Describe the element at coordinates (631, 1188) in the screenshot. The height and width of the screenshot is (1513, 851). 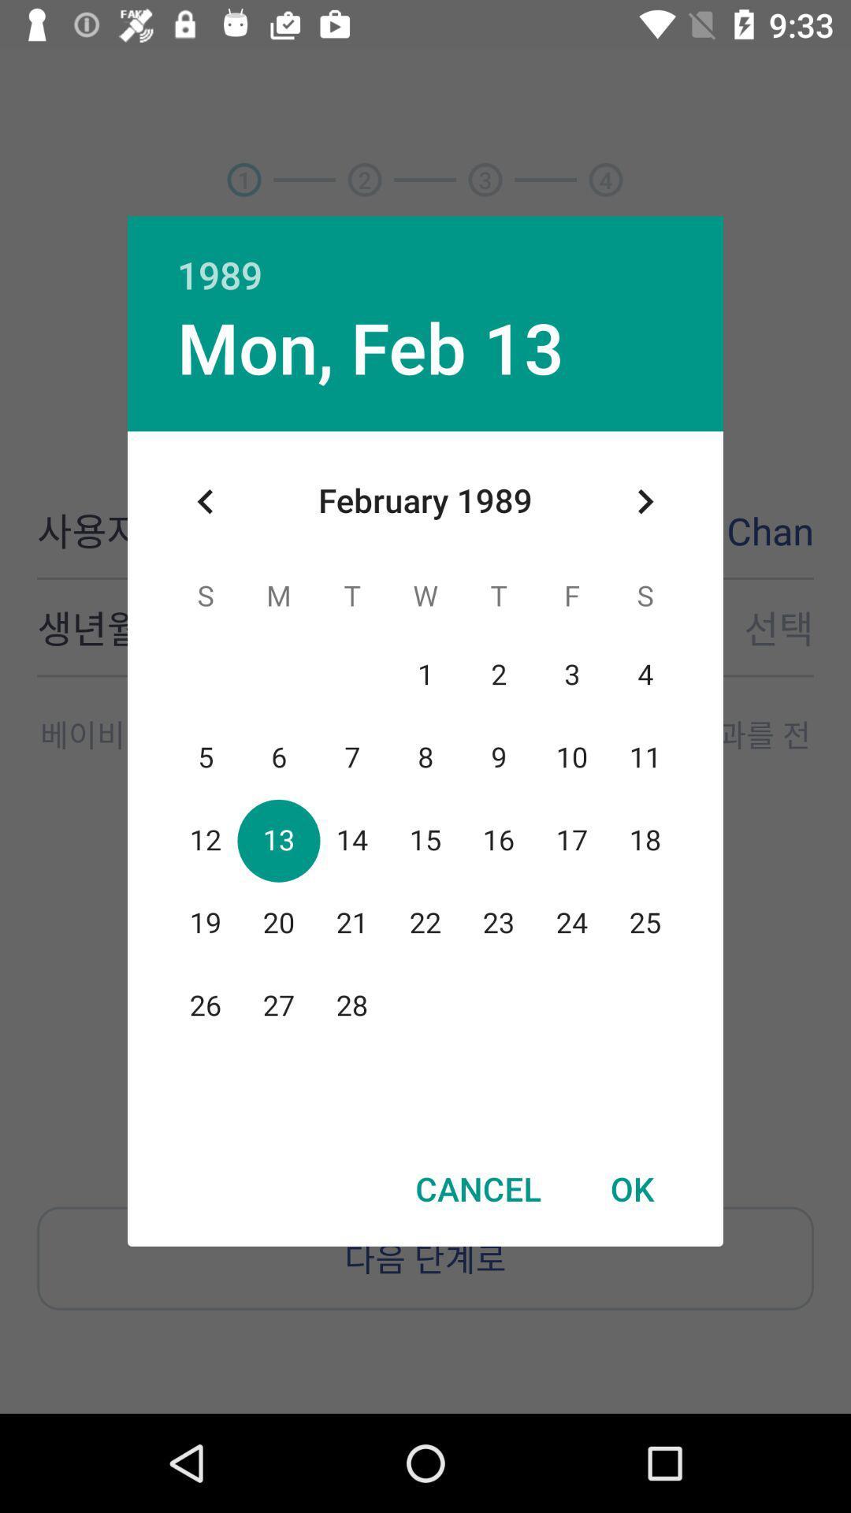
I see `the ok item` at that location.